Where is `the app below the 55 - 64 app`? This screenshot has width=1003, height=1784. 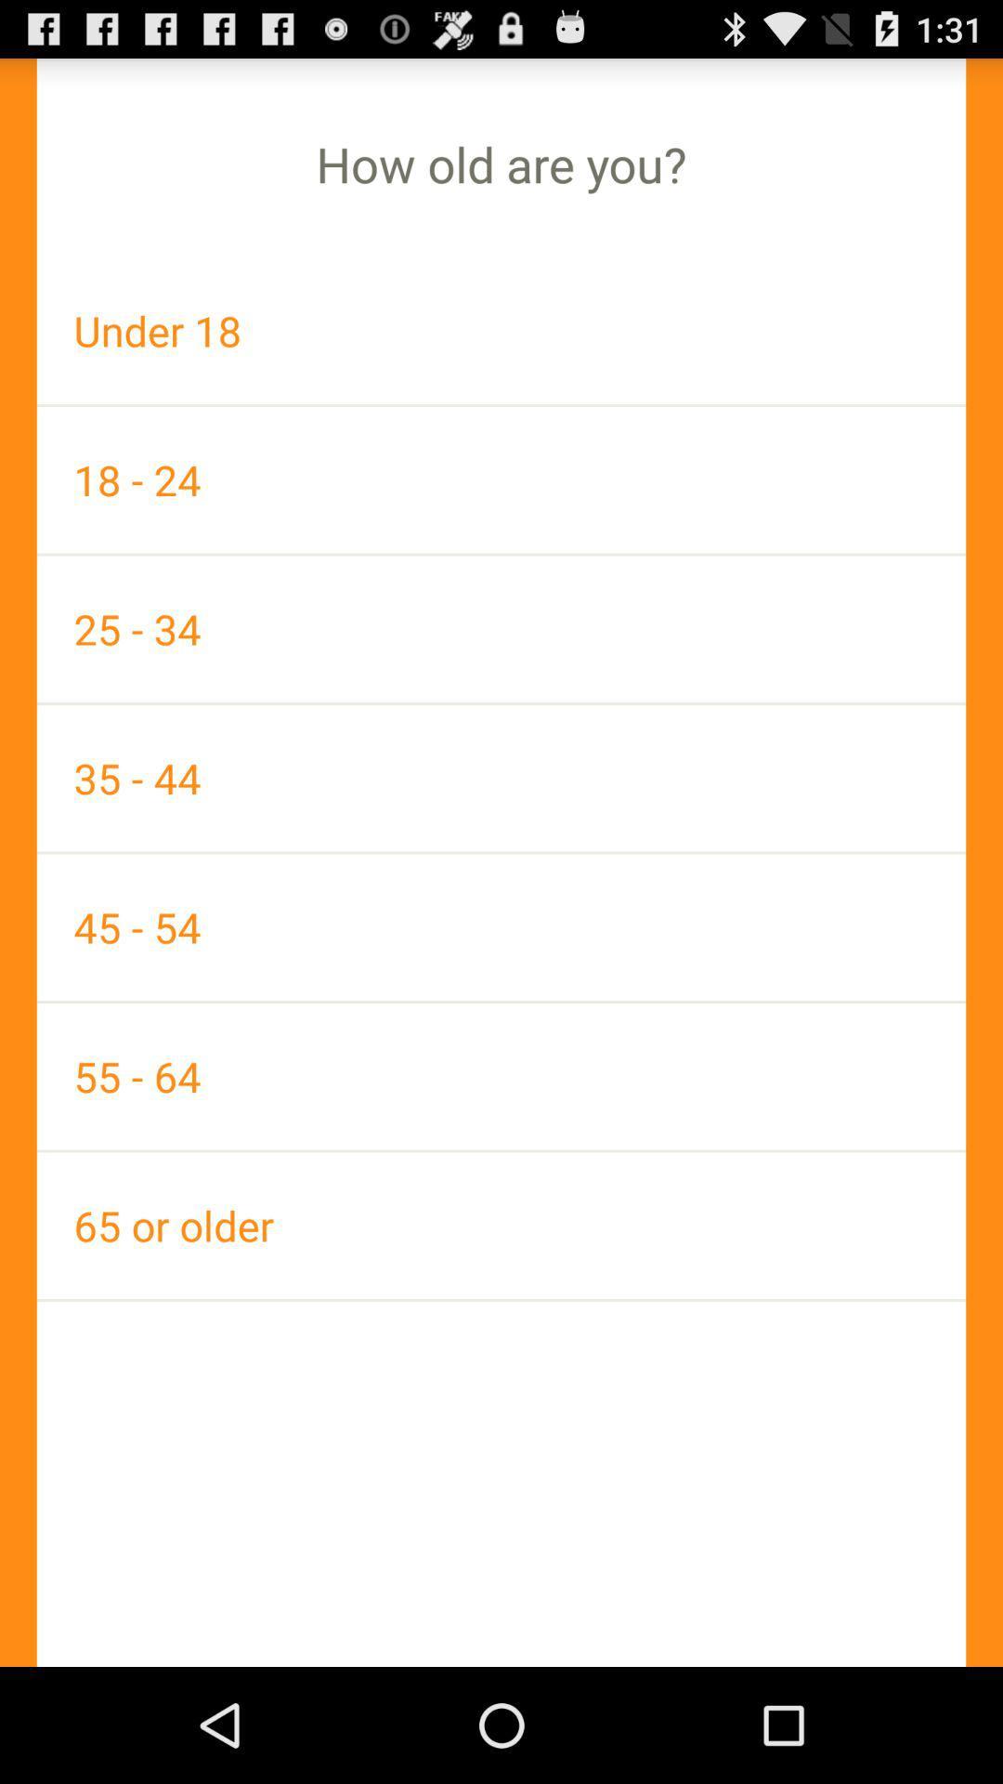
the app below the 55 - 64 app is located at coordinates (501, 1226).